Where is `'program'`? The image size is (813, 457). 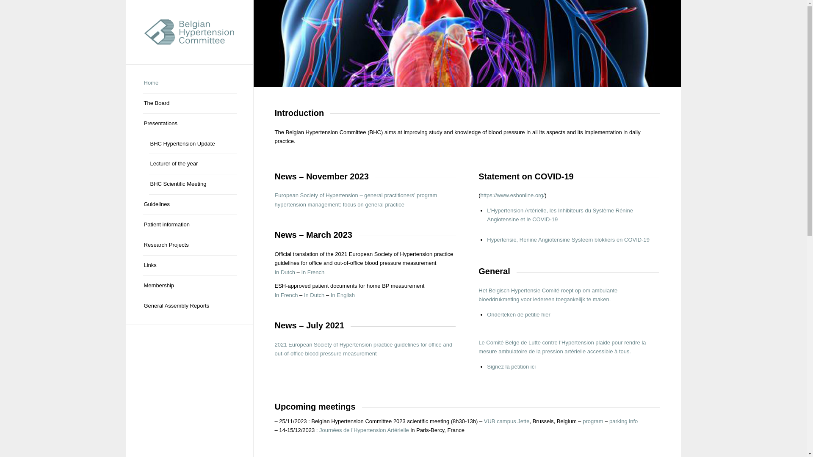
'program' is located at coordinates (592, 421).